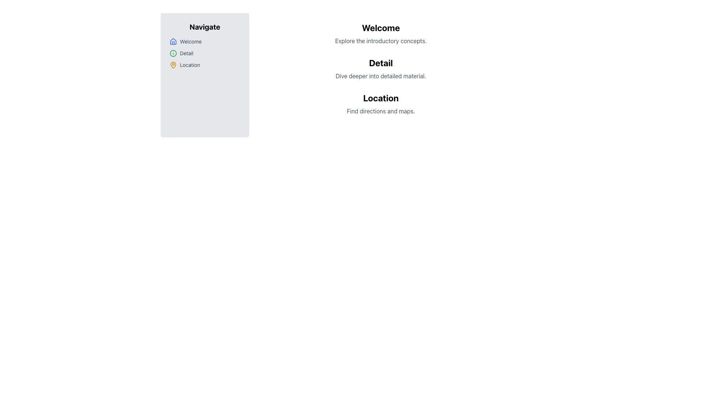 This screenshot has width=702, height=395. What do you see at coordinates (380, 97) in the screenshot?
I see `the prominent header text label displaying 'Location', which is in bold and large font, positioned above the descriptive text 'Find directions and maps'` at bounding box center [380, 97].